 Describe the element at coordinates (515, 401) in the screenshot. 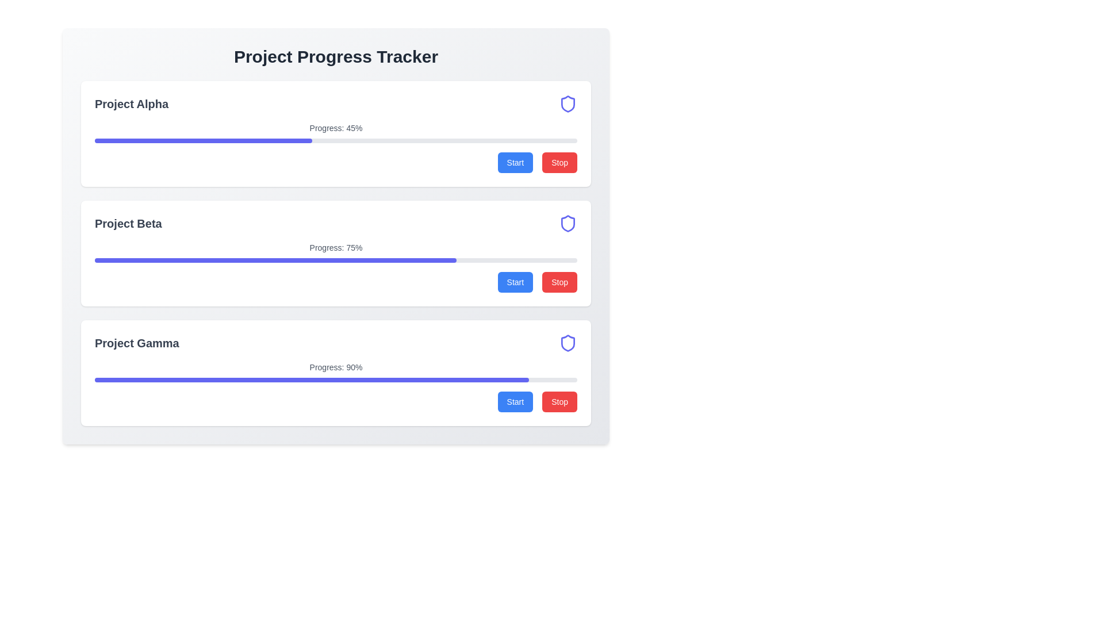

I see `the 'Start' button, which is a rectangular button with a blue background and white text located at the bottom right corner of 'Project Gamma'` at that location.